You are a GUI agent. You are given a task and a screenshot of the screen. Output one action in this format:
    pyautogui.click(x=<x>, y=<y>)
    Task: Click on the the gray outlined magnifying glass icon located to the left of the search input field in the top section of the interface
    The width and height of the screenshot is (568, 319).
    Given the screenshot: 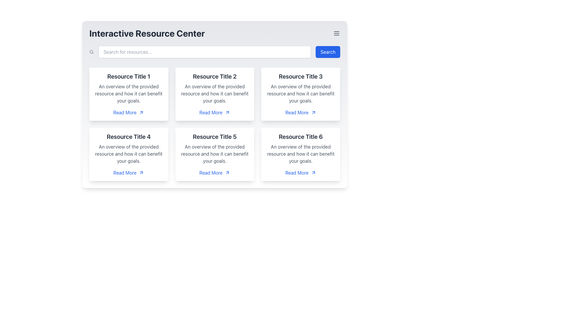 What is the action you would take?
    pyautogui.click(x=91, y=52)
    